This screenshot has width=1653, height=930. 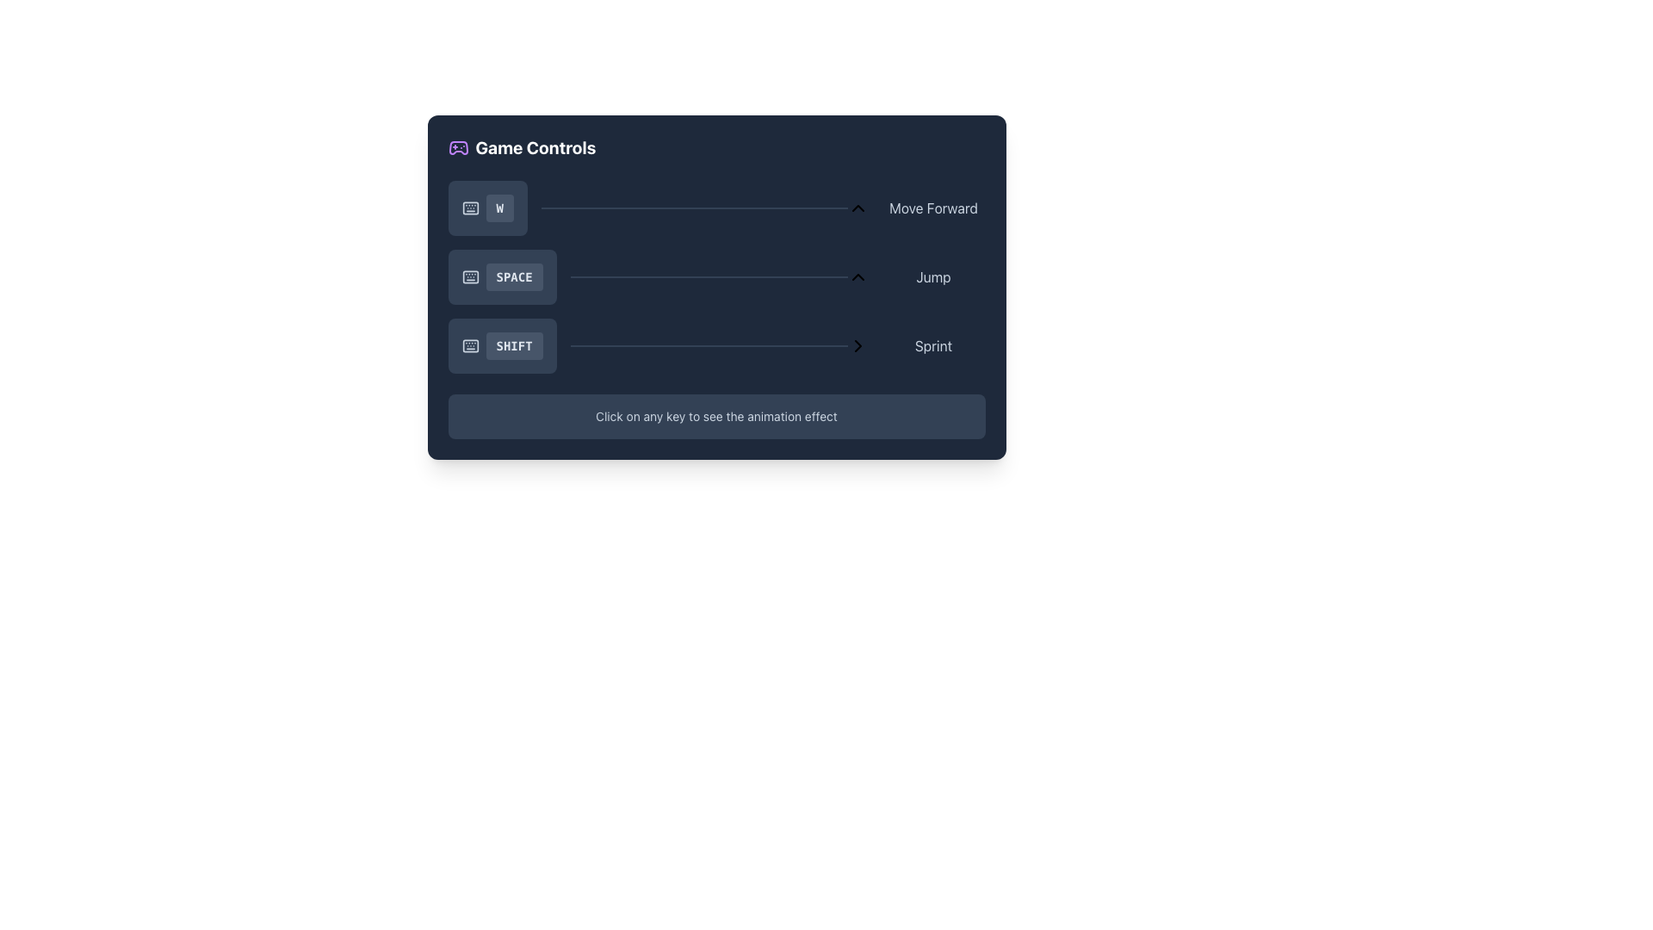 I want to click on the first button labeled 'W' with a dark gray background and rounded corners, located in the 'Game Controls' section, so click(x=498, y=208).